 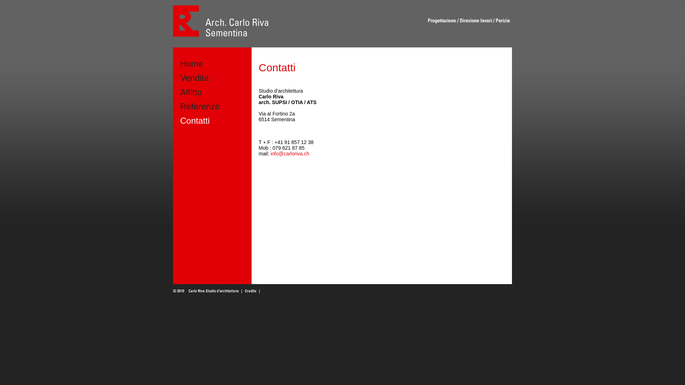 What do you see at coordinates (180, 78) in the screenshot?
I see `'Vendita'` at bounding box center [180, 78].